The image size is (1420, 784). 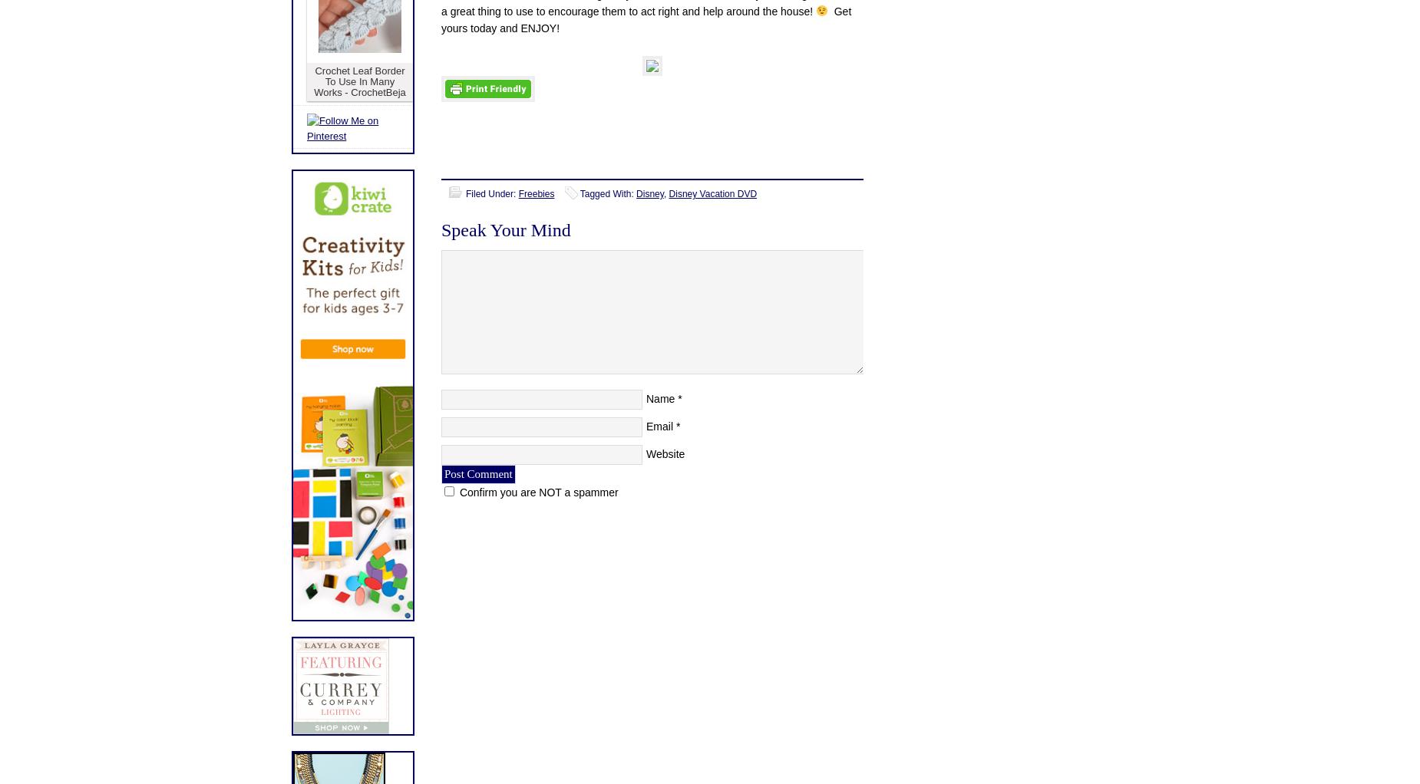 I want to click on 'Name', so click(x=660, y=397).